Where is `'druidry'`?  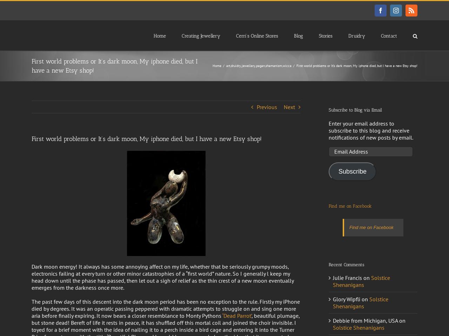 'druidry' is located at coordinates (236, 65).